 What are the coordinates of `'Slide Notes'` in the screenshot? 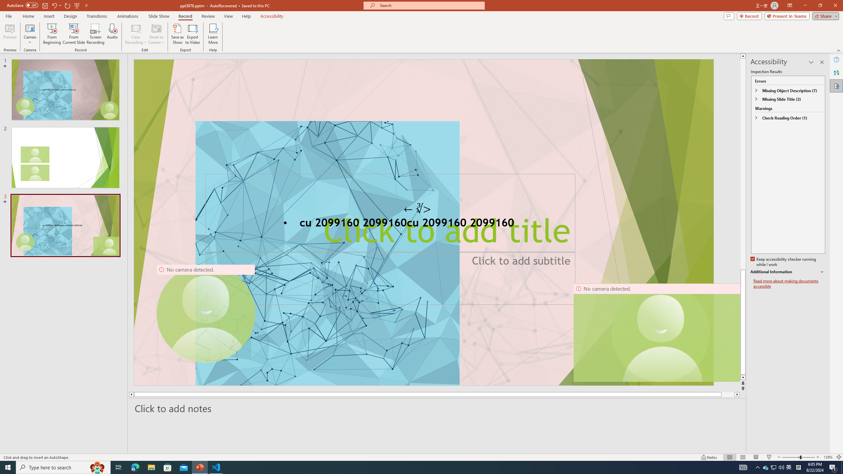 It's located at (437, 408).